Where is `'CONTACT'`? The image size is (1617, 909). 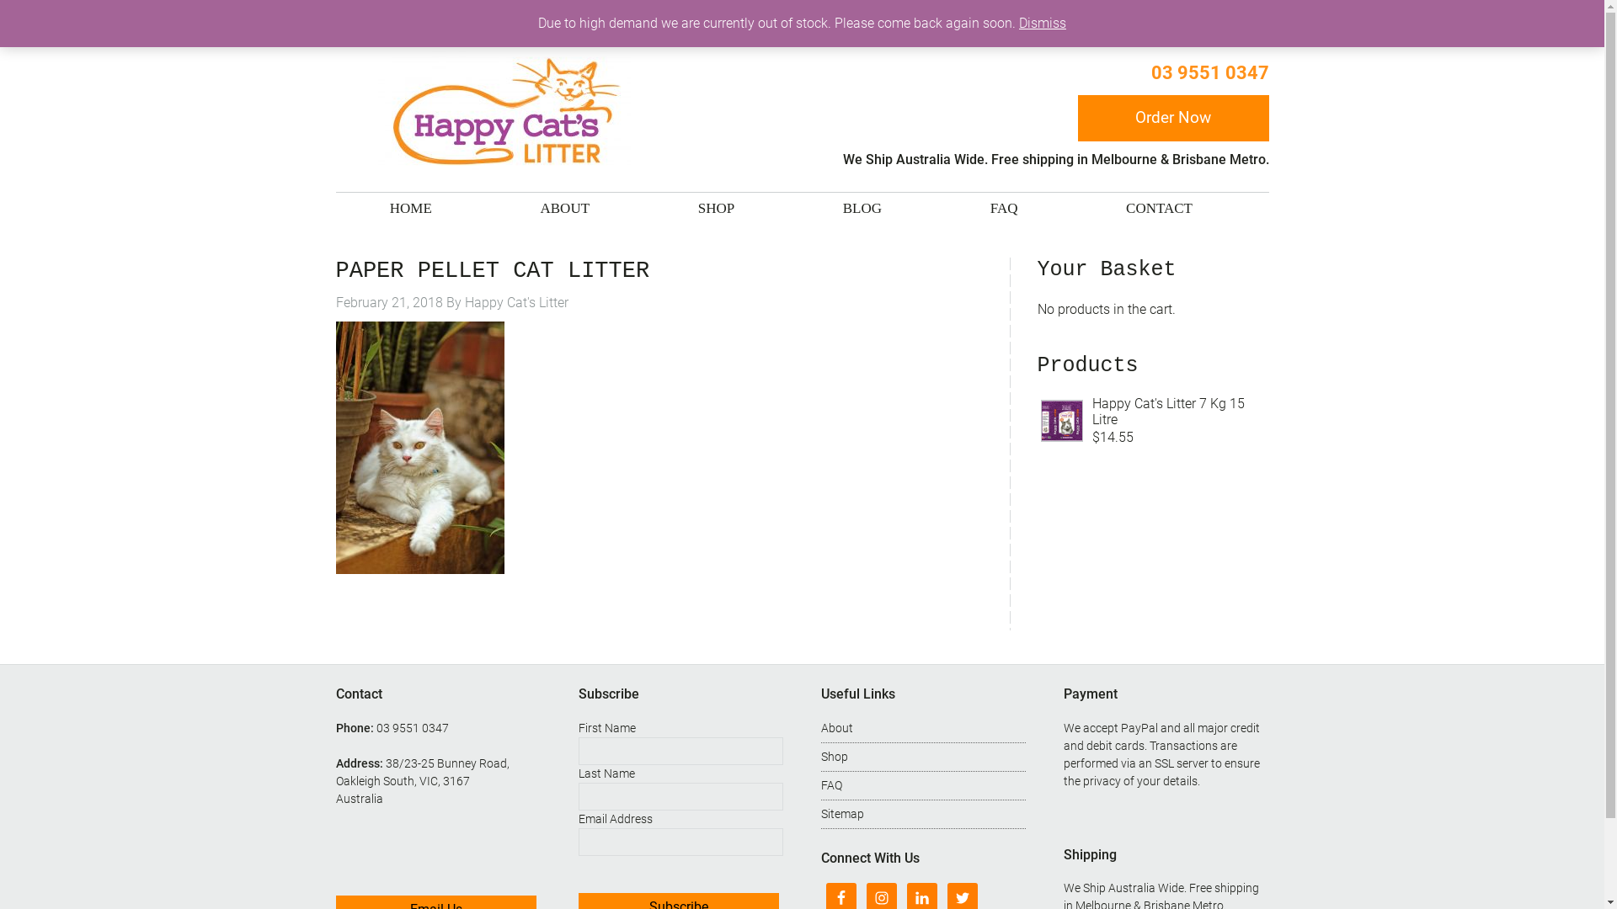
'CONTACT' is located at coordinates (1158, 207).